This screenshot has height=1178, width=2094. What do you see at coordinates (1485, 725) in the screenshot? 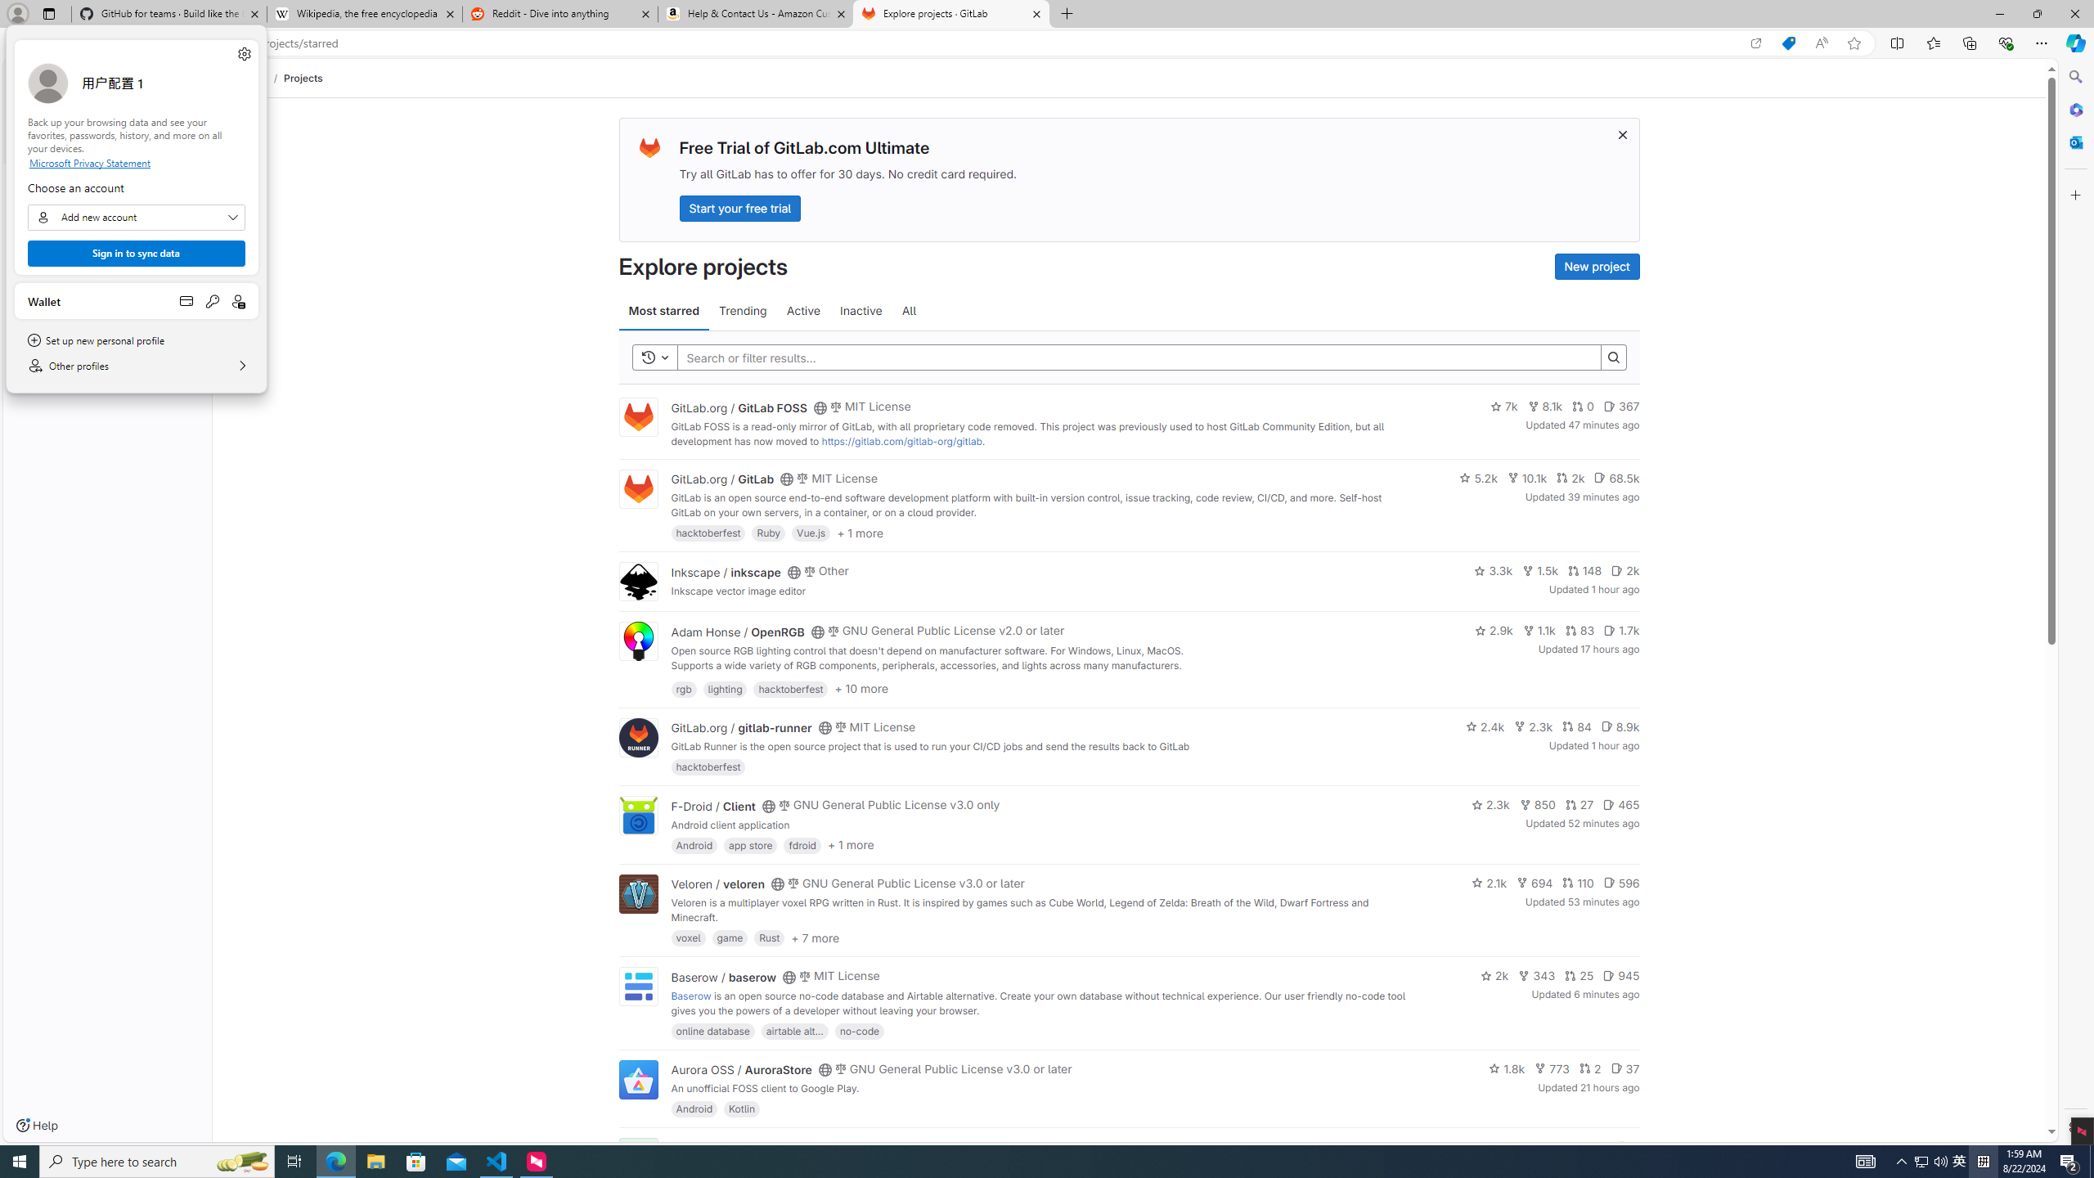
I see `'2.4k'` at bounding box center [1485, 725].